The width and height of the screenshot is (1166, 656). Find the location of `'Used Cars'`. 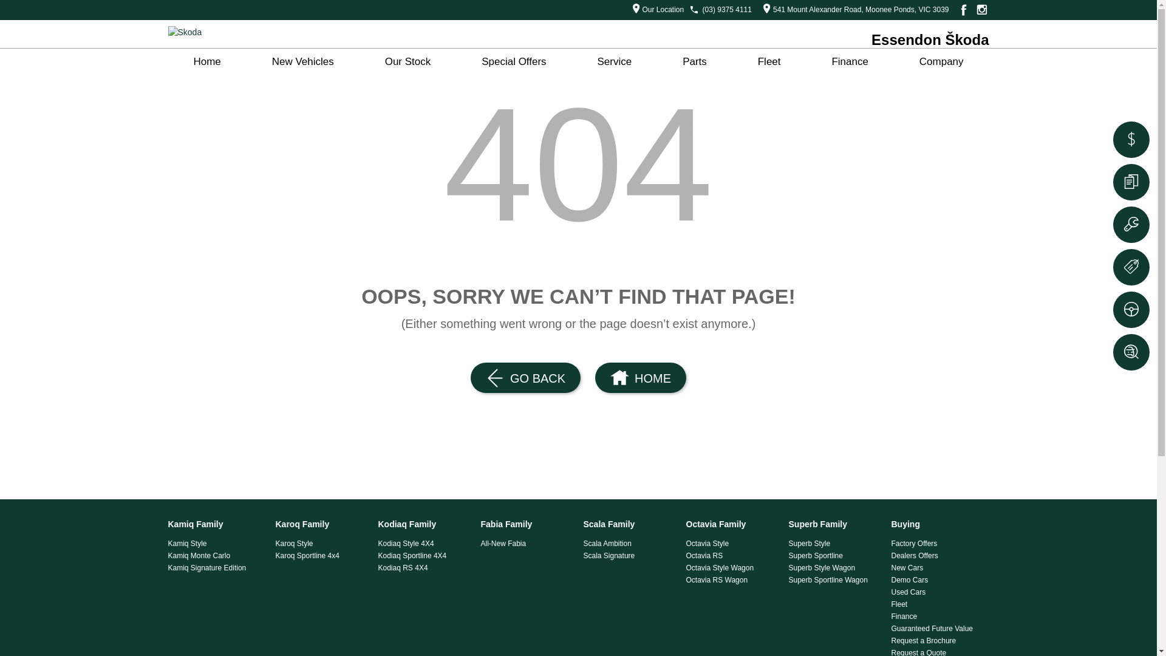

'Used Cars' is located at coordinates (892, 592).